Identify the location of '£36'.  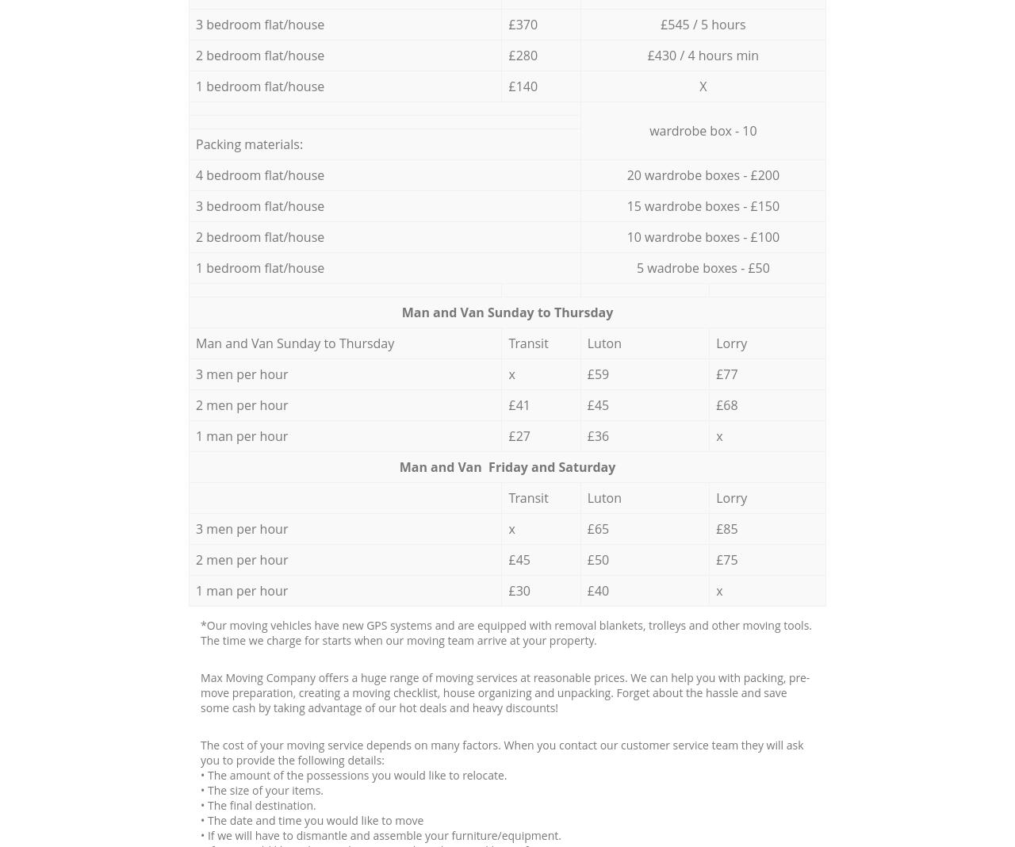
(585, 434).